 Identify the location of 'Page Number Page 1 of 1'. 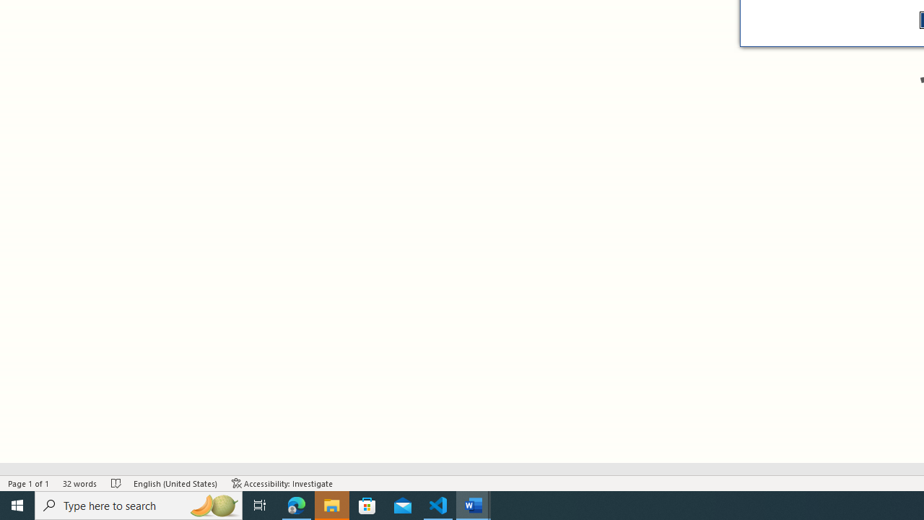
(29, 483).